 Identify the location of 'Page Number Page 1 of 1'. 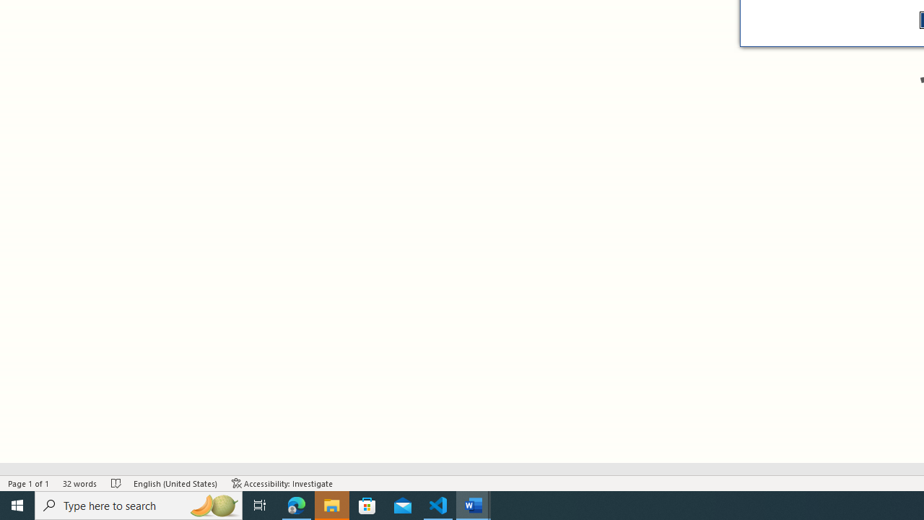
(29, 483).